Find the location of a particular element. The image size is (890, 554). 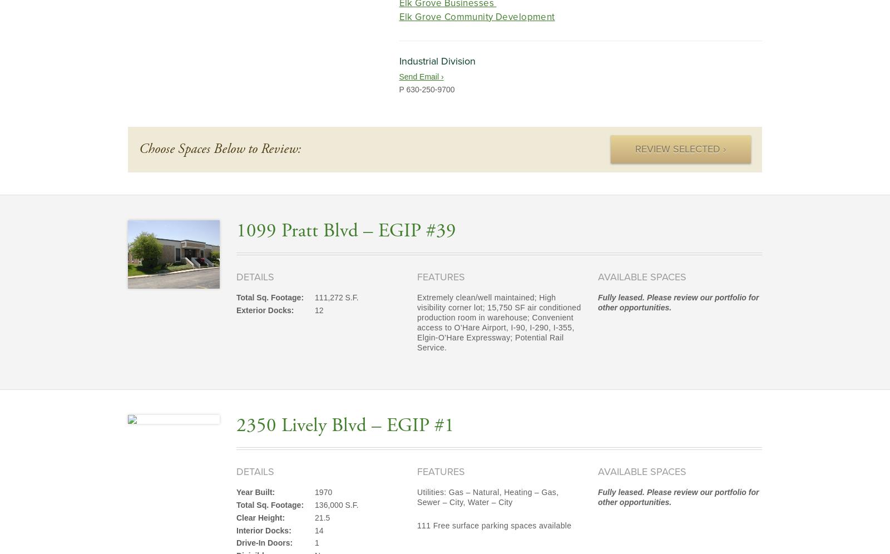

'P 630-250-9700' is located at coordinates (427, 88).